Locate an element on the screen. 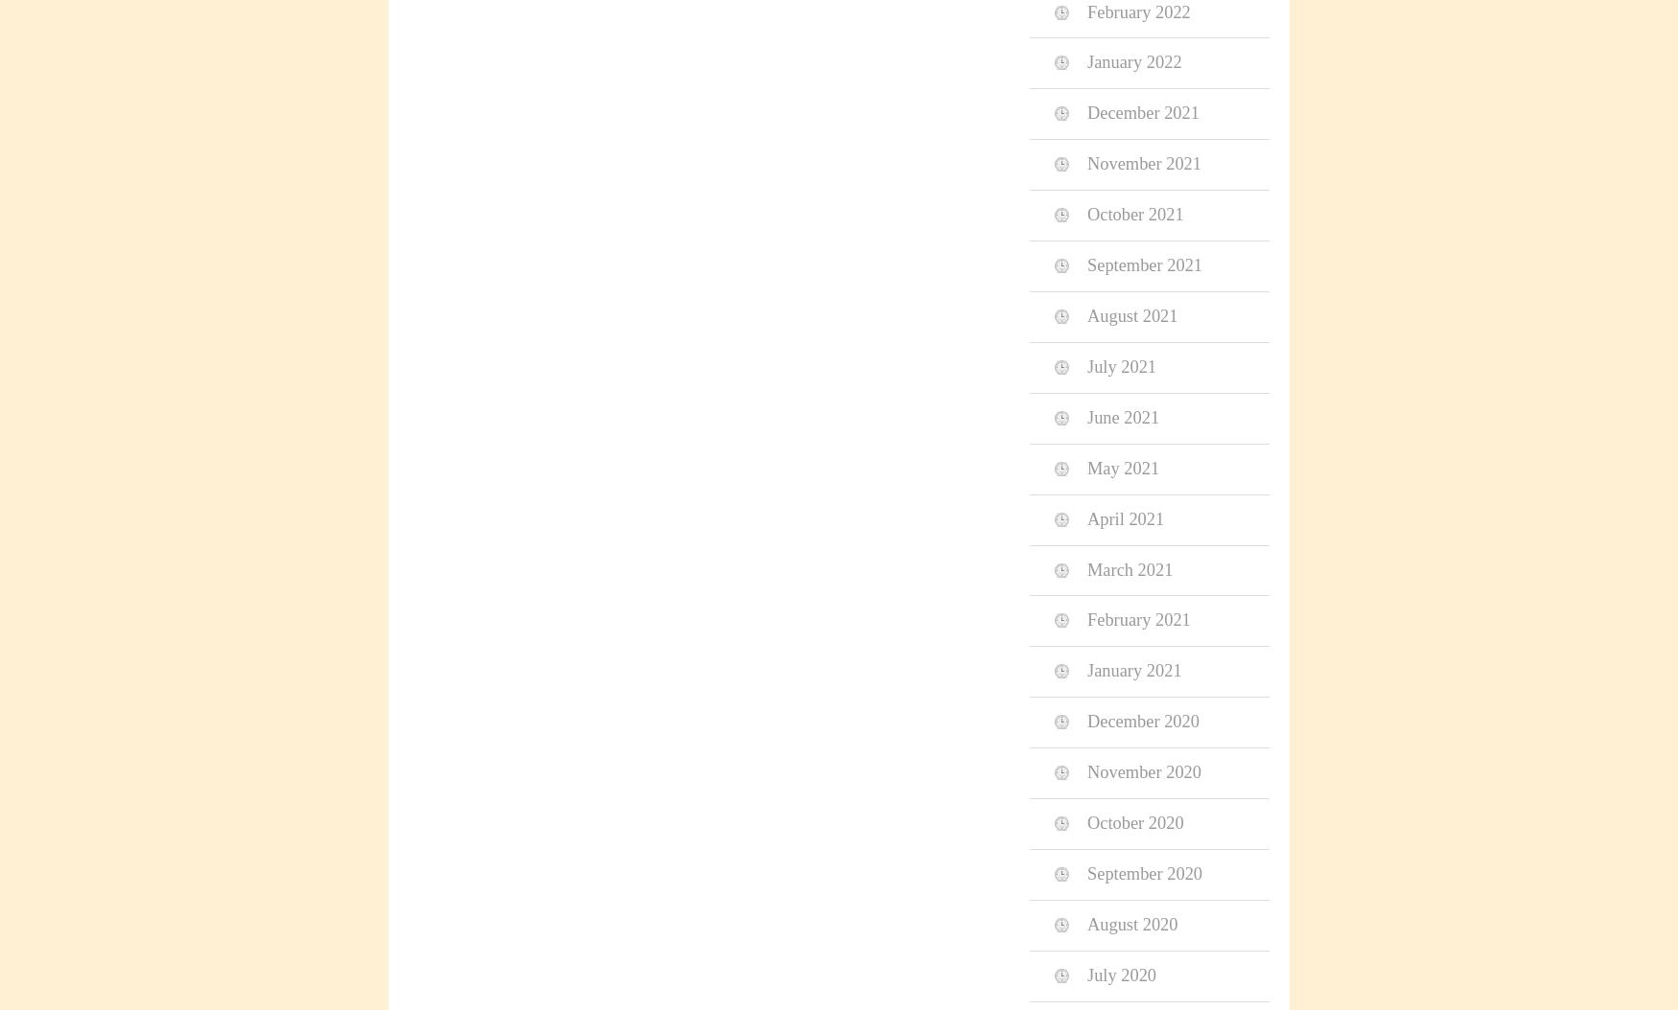 The width and height of the screenshot is (1678, 1010). 'September 2021' is located at coordinates (1086, 264).